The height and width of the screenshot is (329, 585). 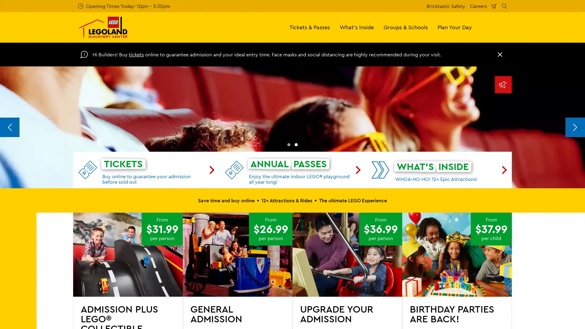 What do you see at coordinates (296, 260) in the screenshot?
I see `Go to slide 2` at bounding box center [296, 260].